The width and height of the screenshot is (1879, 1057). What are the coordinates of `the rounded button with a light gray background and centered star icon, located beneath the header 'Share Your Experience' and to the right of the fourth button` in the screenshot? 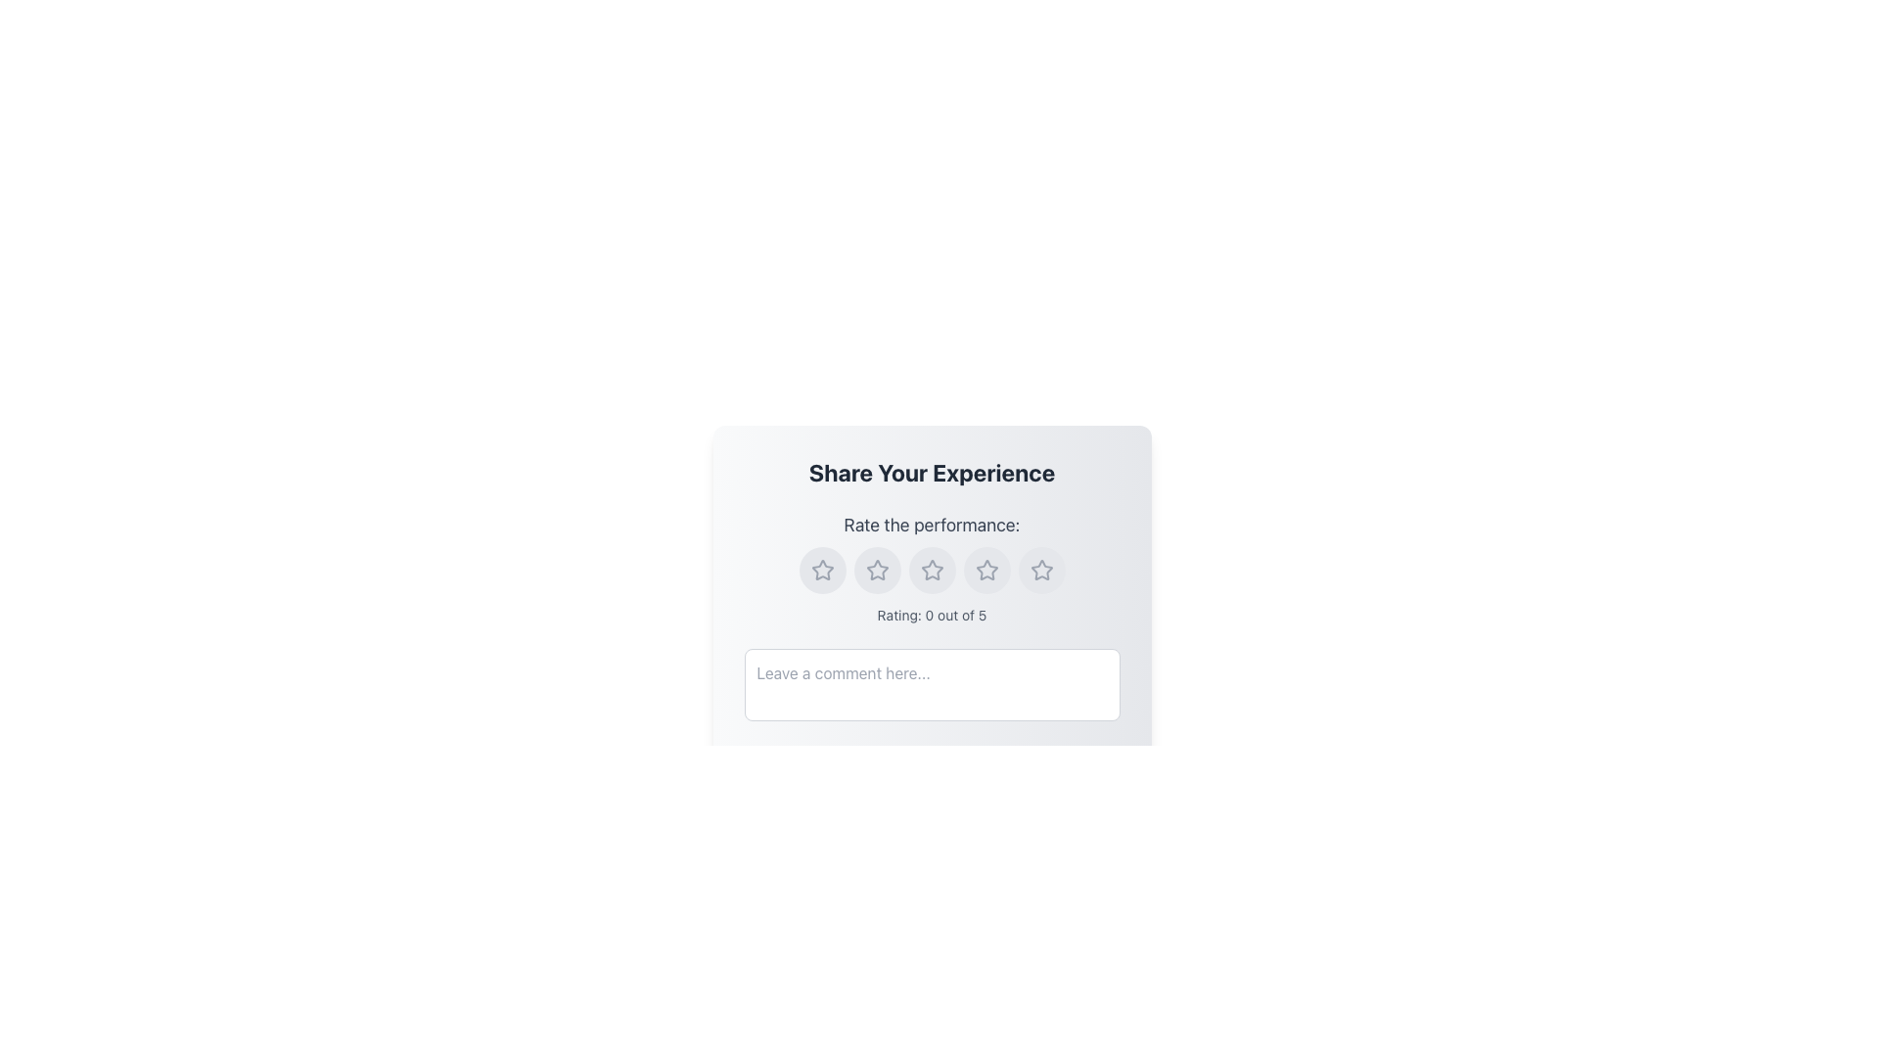 It's located at (986, 570).